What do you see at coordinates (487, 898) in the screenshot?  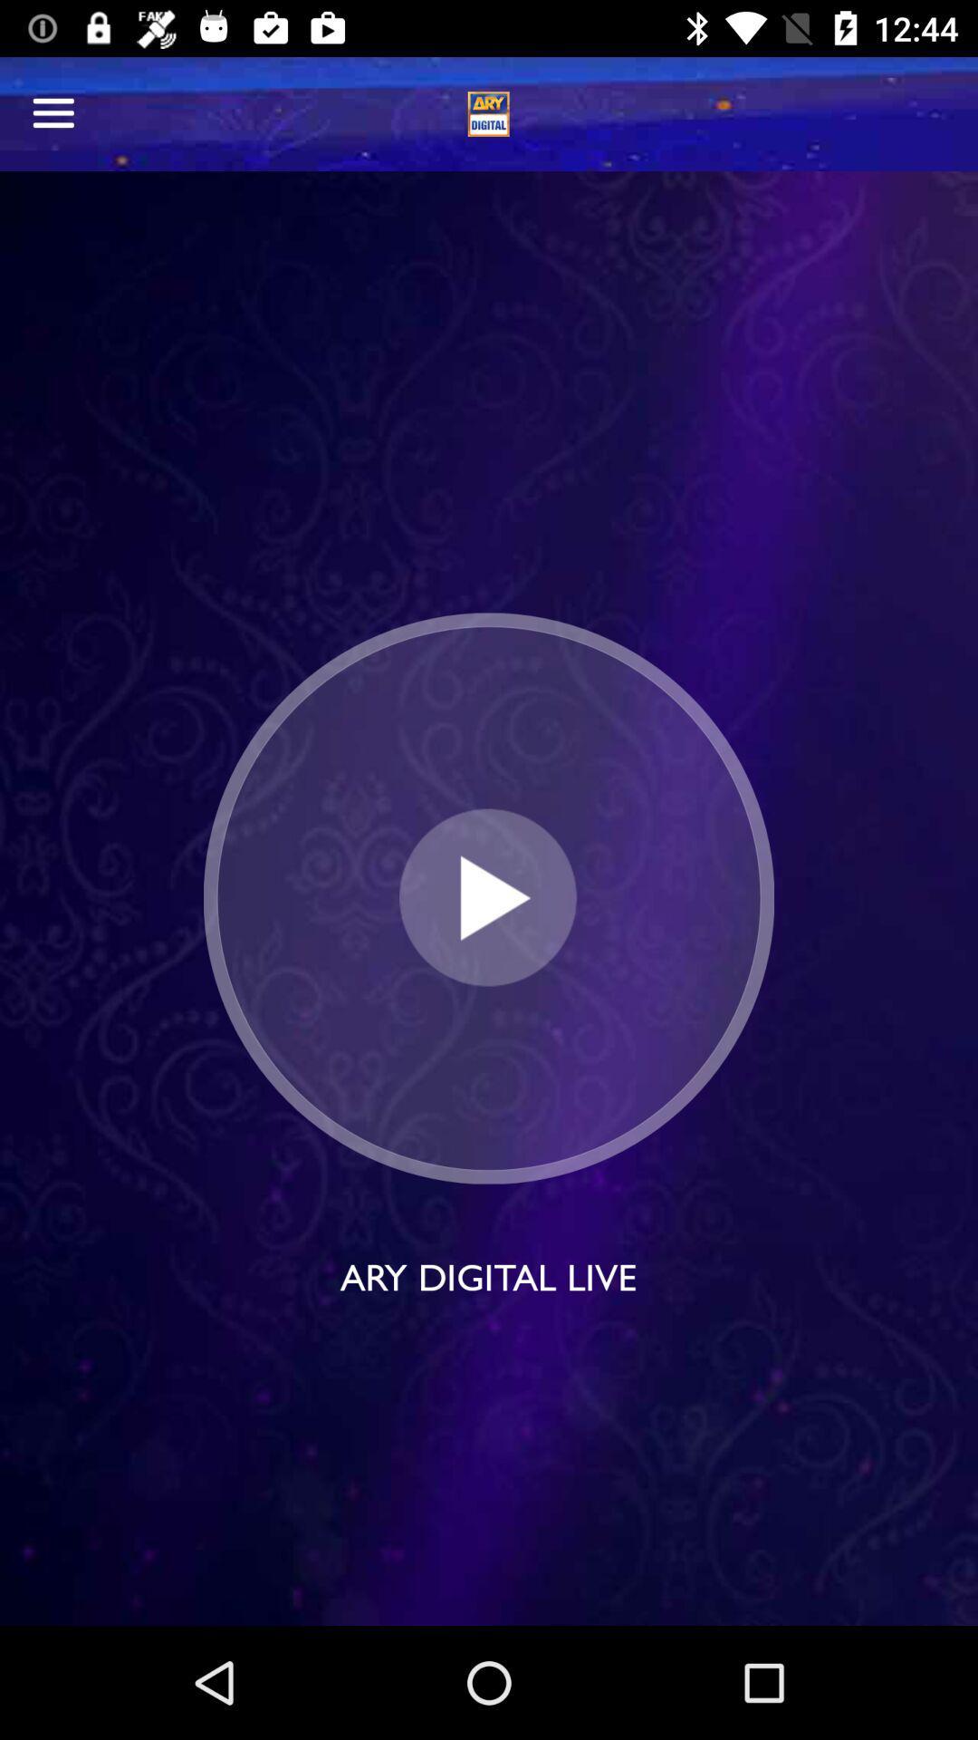 I see `media` at bounding box center [487, 898].